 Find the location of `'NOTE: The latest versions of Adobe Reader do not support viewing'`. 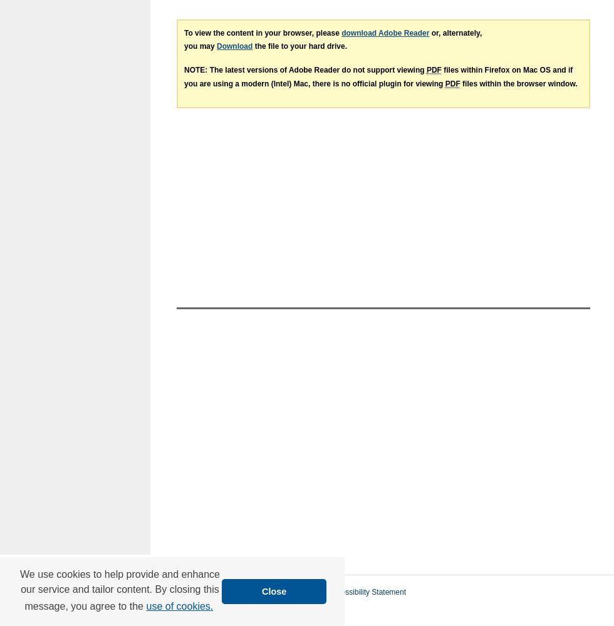

'NOTE: The latest versions of Adobe Reader do not support viewing' is located at coordinates (304, 69).